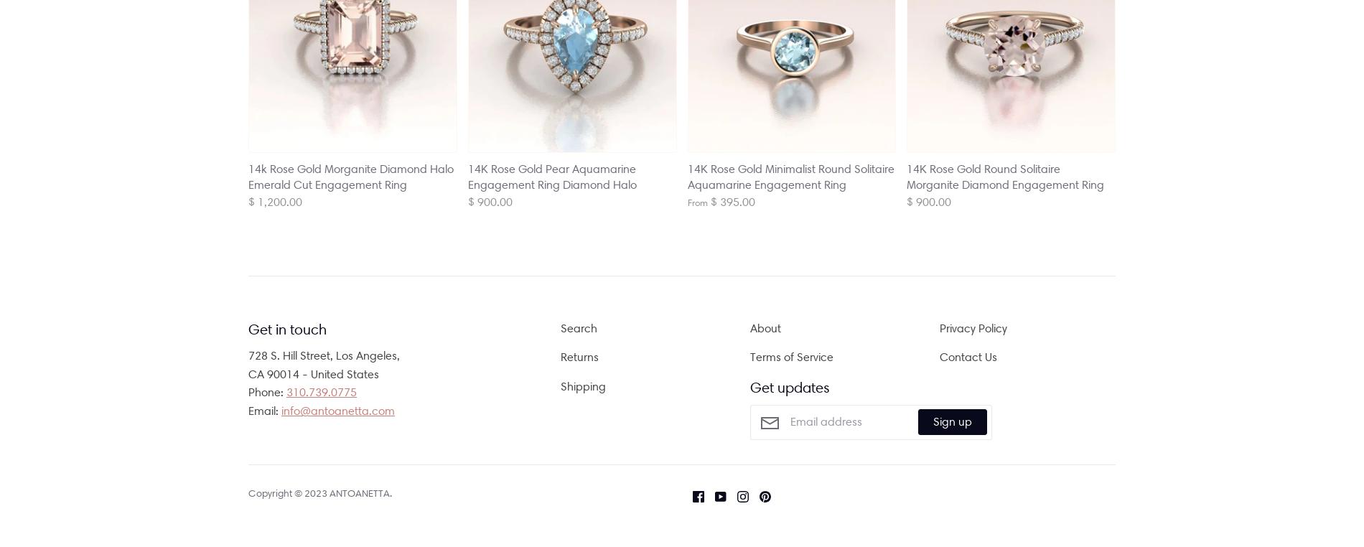  Describe the element at coordinates (391, 492) in the screenshot. I see `'.'` at that location.